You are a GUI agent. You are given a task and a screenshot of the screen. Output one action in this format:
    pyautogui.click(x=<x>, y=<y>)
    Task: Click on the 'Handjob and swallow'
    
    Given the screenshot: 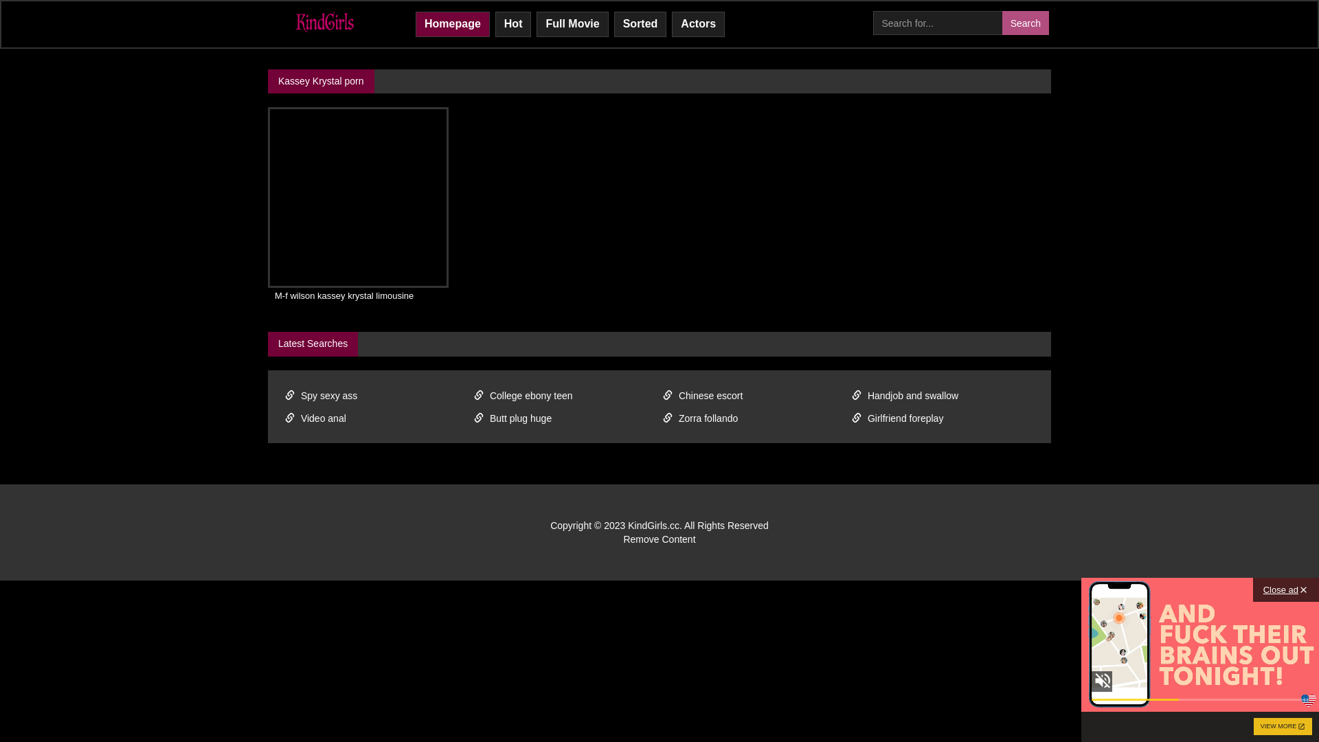 What is the action you would take?
    pyautogui.click(x=942, y=395)
    